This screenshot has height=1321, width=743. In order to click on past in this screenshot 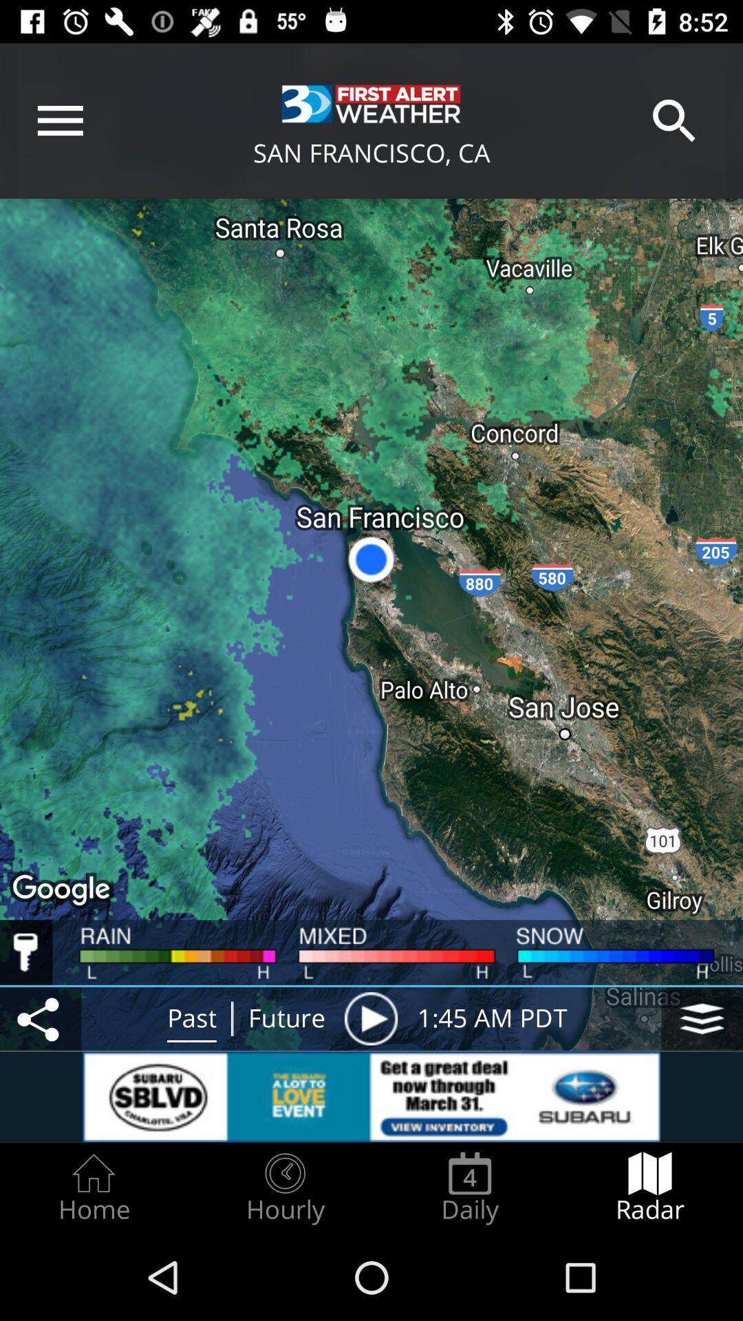, I will do `click(191, 1019)`.